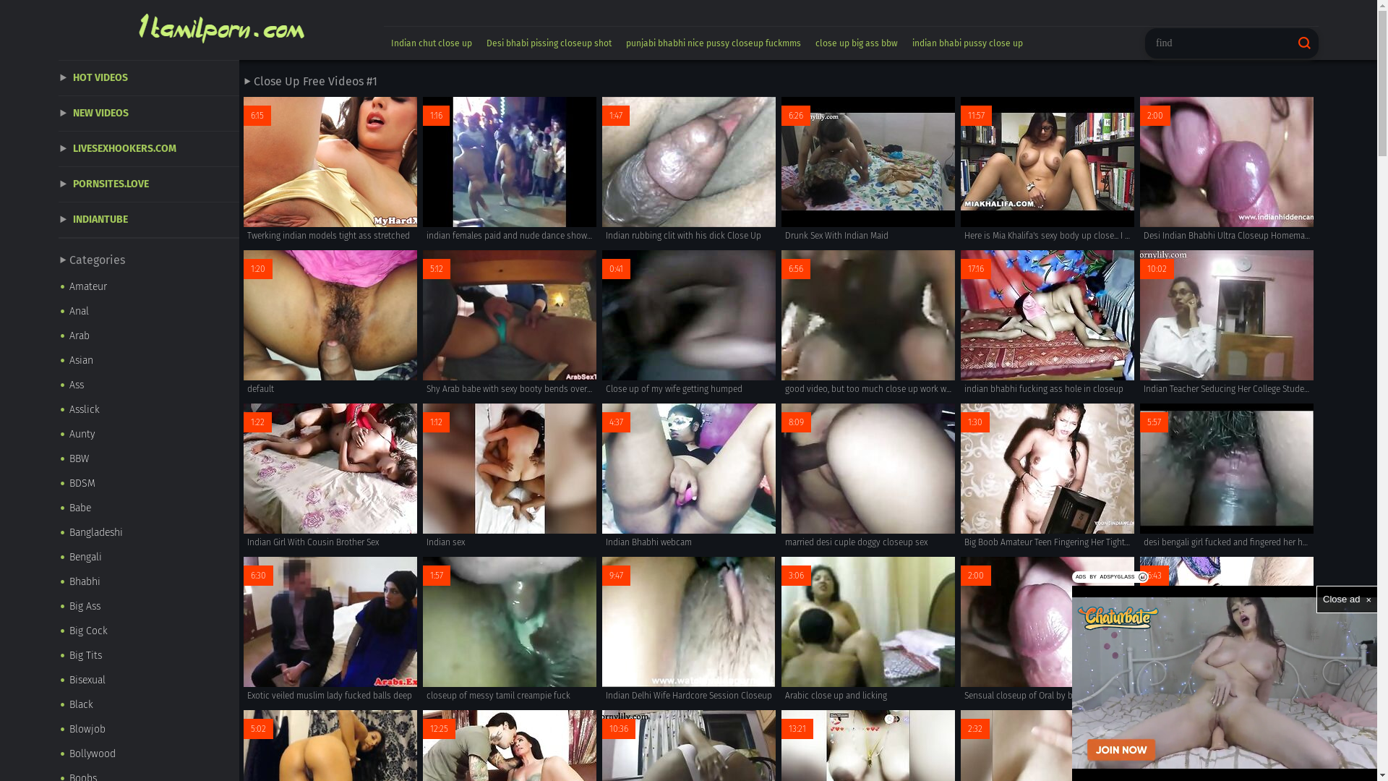 The height and width of the screenshot is (781, 1388). Describe the element at coordinates (329, 477) in the screenshot. I see `'1:22` at that location.